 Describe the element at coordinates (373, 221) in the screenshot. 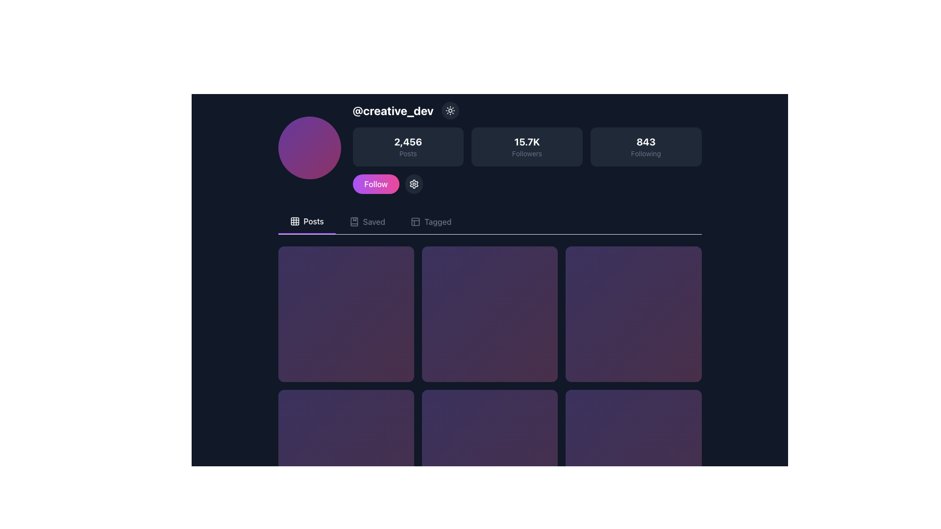

I see `the 'saved' text label in the interactive menu` at that location.